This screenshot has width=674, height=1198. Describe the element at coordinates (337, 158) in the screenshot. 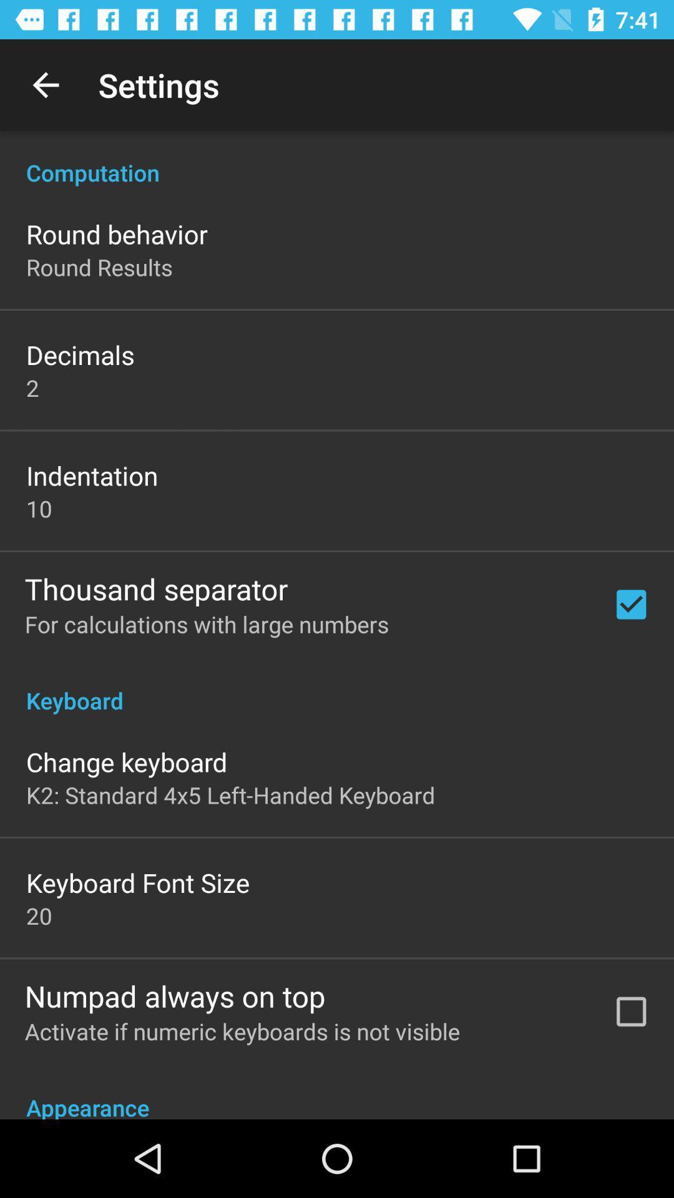

I see `the icon above round behavior` at that location.